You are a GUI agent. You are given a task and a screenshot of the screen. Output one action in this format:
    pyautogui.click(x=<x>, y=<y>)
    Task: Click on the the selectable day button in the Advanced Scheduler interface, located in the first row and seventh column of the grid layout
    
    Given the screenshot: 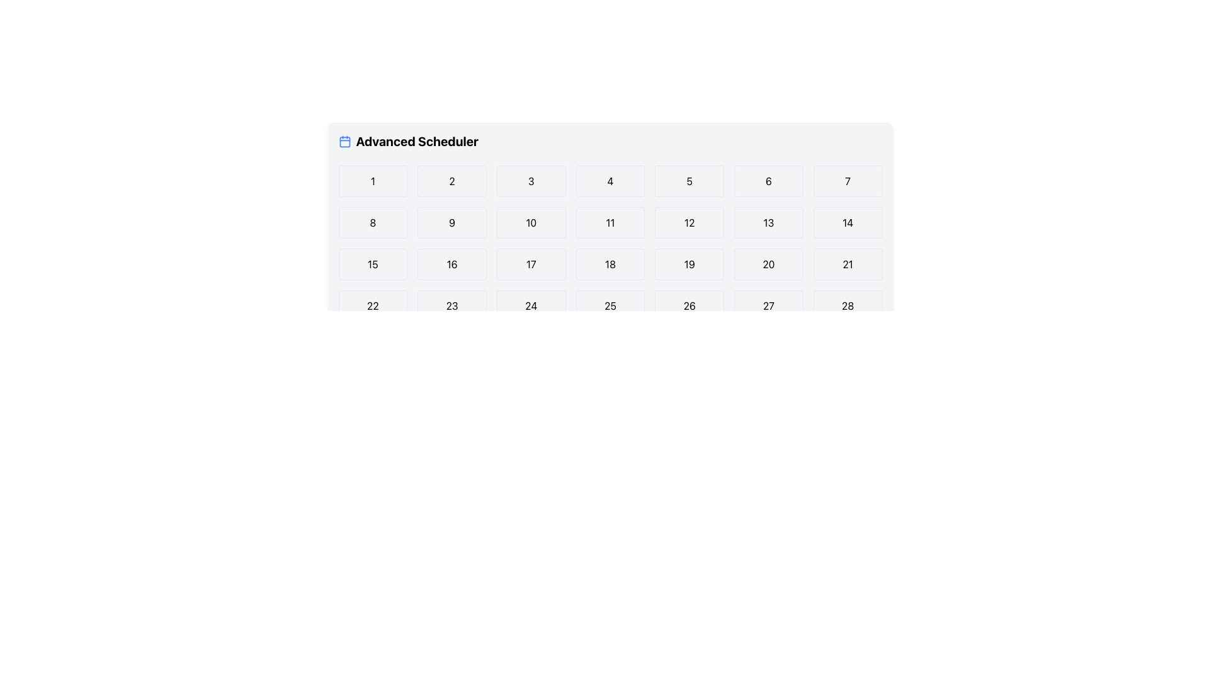 What is the action you would take?
    pyautogui.click(x=848, y=181)
    